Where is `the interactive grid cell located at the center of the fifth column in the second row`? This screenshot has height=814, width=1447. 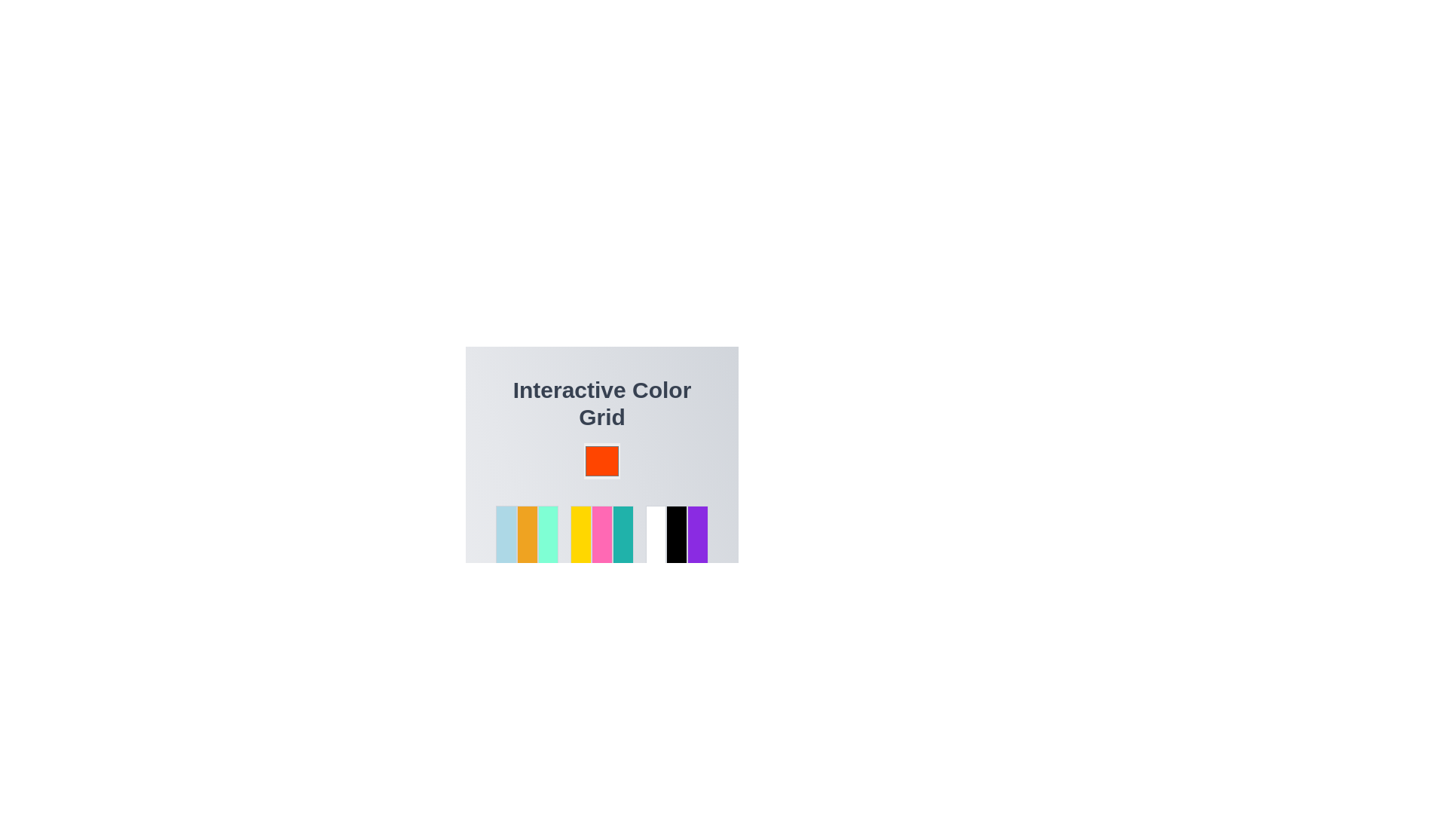
the interactive grid cell located at the center of the fifth column in the second row is located at coordinates (601, 534).